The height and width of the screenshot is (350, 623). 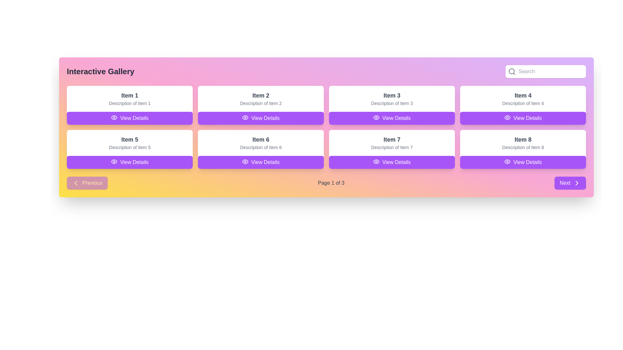 I want to click on the text label that reads 'Description of Item 6', which is styled with a small font size and gray color, located directly beneath the title 'Item 6' in the second row, second column of the item gallery, so click(x=261, y=147).